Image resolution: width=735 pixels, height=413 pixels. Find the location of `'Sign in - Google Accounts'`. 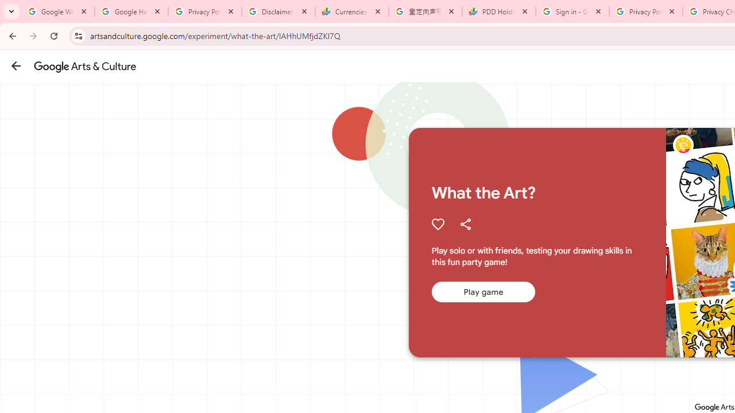

'Sign in - Google Accounts' is located at coordinates (572, 11).